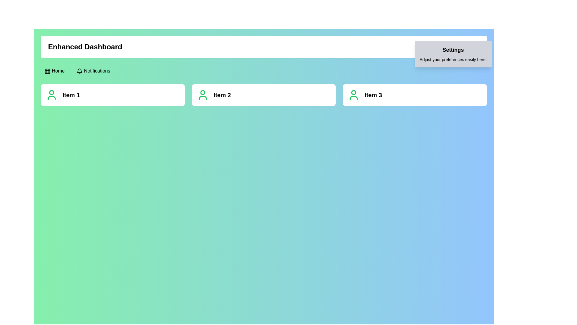  I want to click on text label 'Item 3' which is prominently displayed in bold font within the rightmost card of a group of three cards, located centrally to the right of a green user silhouette icon, so click(373, 95).